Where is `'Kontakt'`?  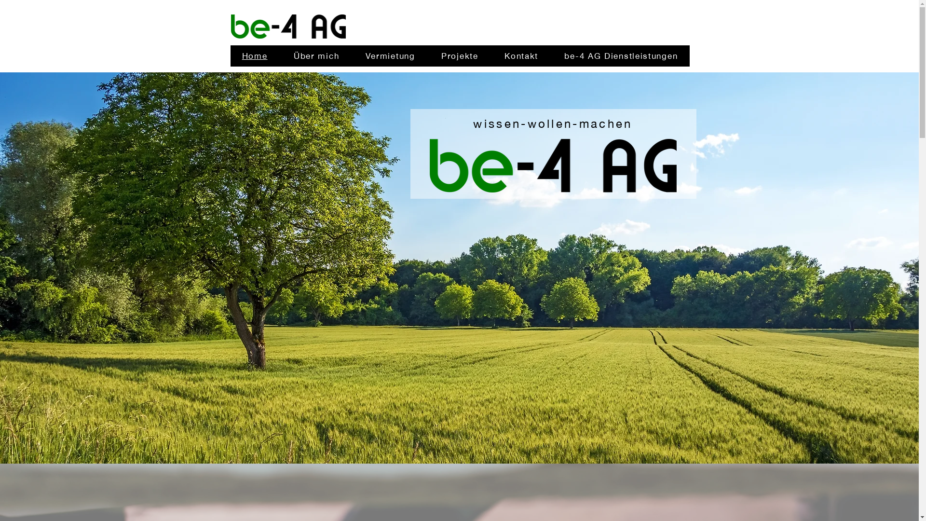
'Kontakt' is located at coordinates (520, 55).